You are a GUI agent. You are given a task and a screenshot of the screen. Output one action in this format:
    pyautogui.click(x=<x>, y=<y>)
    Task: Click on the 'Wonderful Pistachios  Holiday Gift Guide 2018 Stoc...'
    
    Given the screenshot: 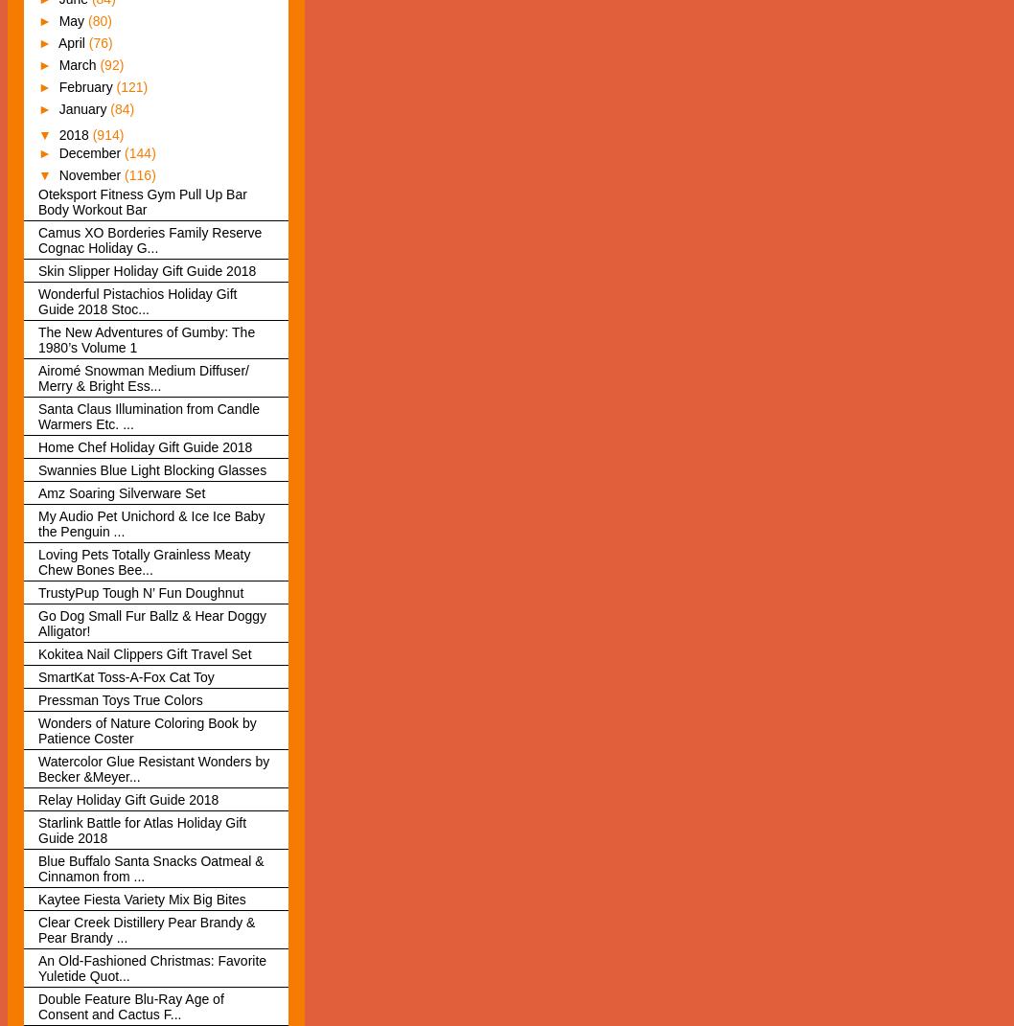 What is the action you would take?
    pyautogui.click(x=37, y=300)
    